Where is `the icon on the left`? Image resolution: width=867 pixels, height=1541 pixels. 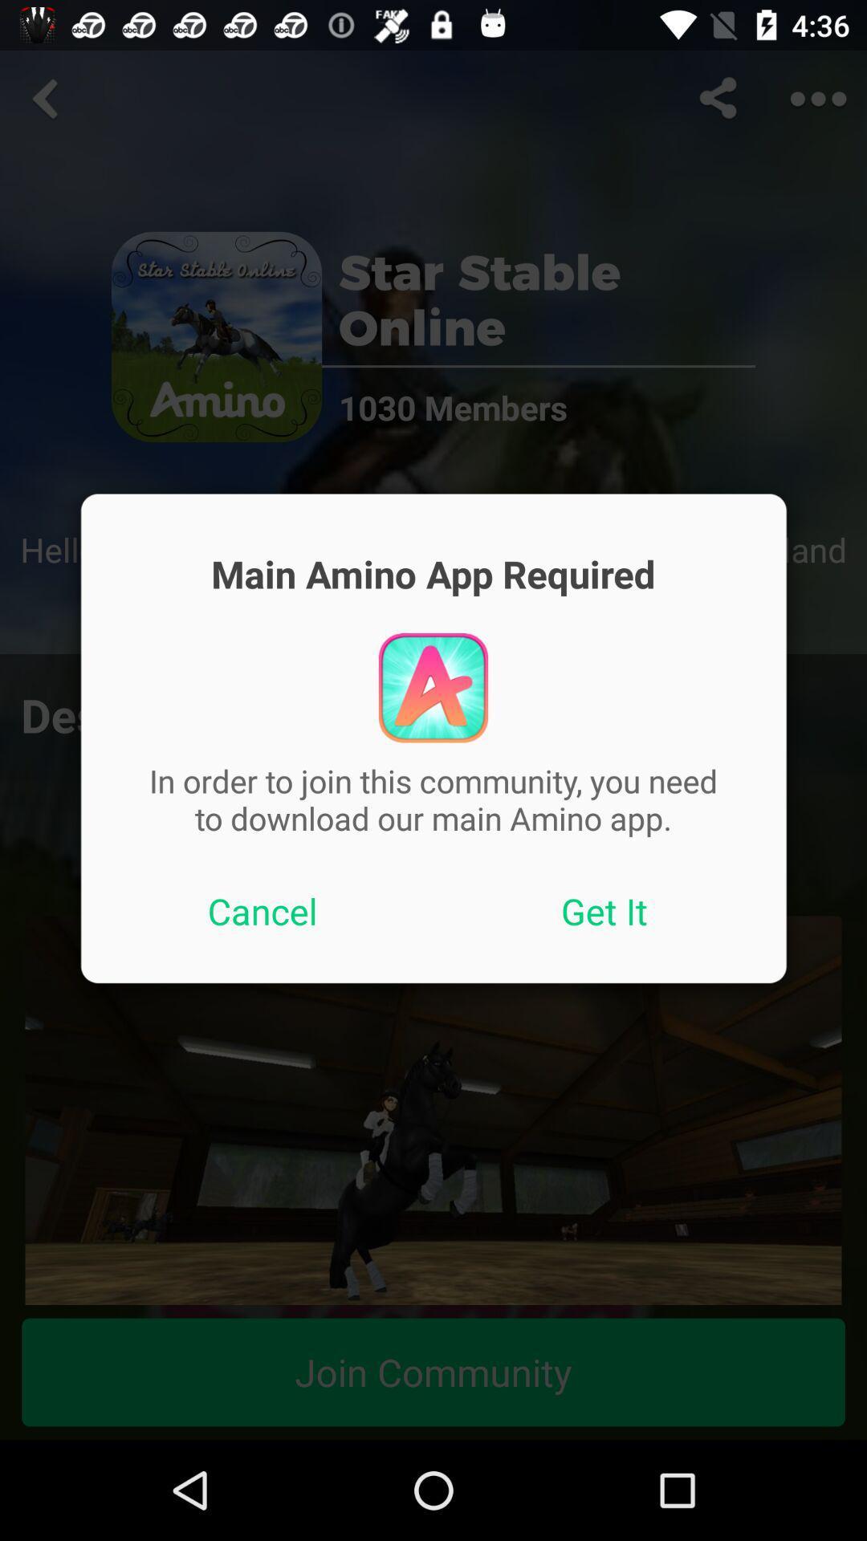 the icon on the left is located at coordinates (262, 911).